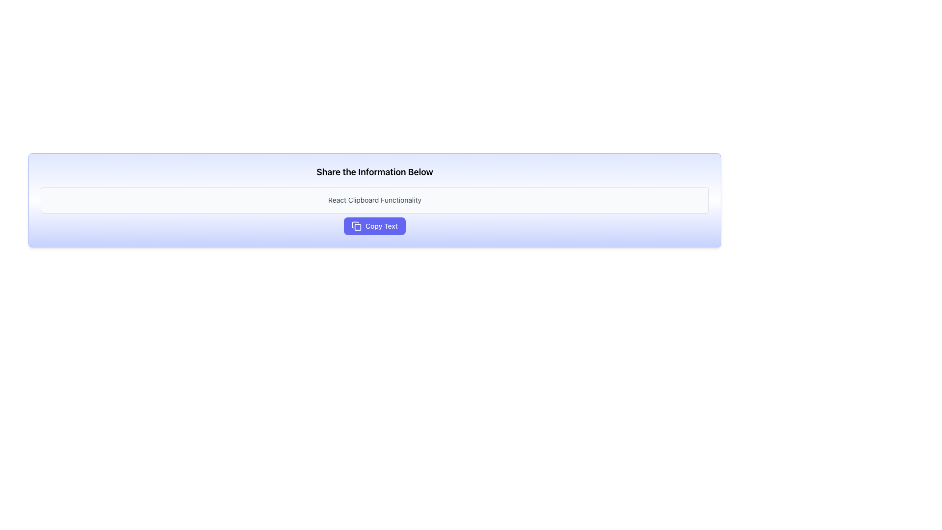 The height and width of the screenshot is (530, 942). What do you see at coordinates (356, 226) in the screenshot?
I see `the 'Copy' icon located inside the 'Copy Text' button at the bottom center of the interface, specifically to the left of the text input box` at bounding box center [356, 226].